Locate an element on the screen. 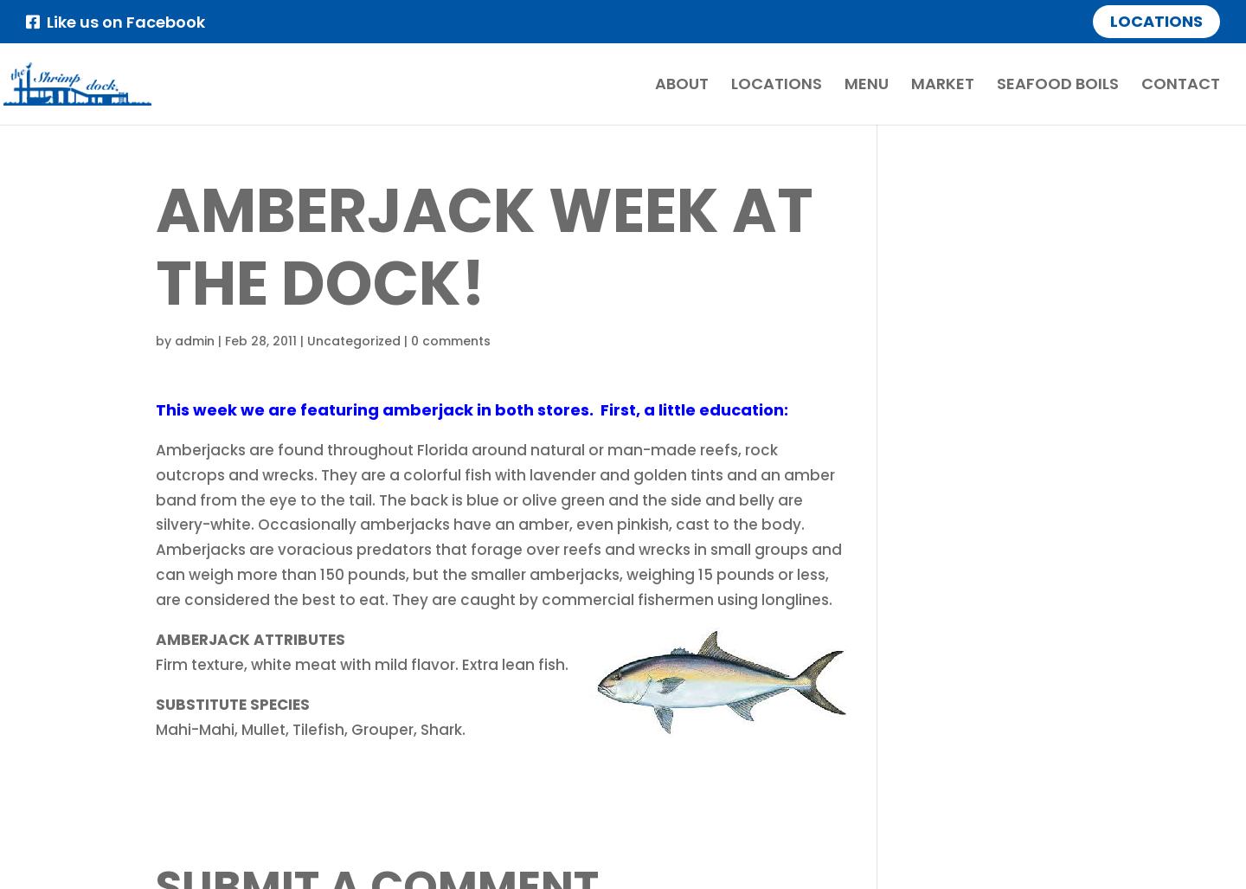 The width and height of the screenshot is (1246, 889). 'Contact' is located at coordinates (1179, 82).